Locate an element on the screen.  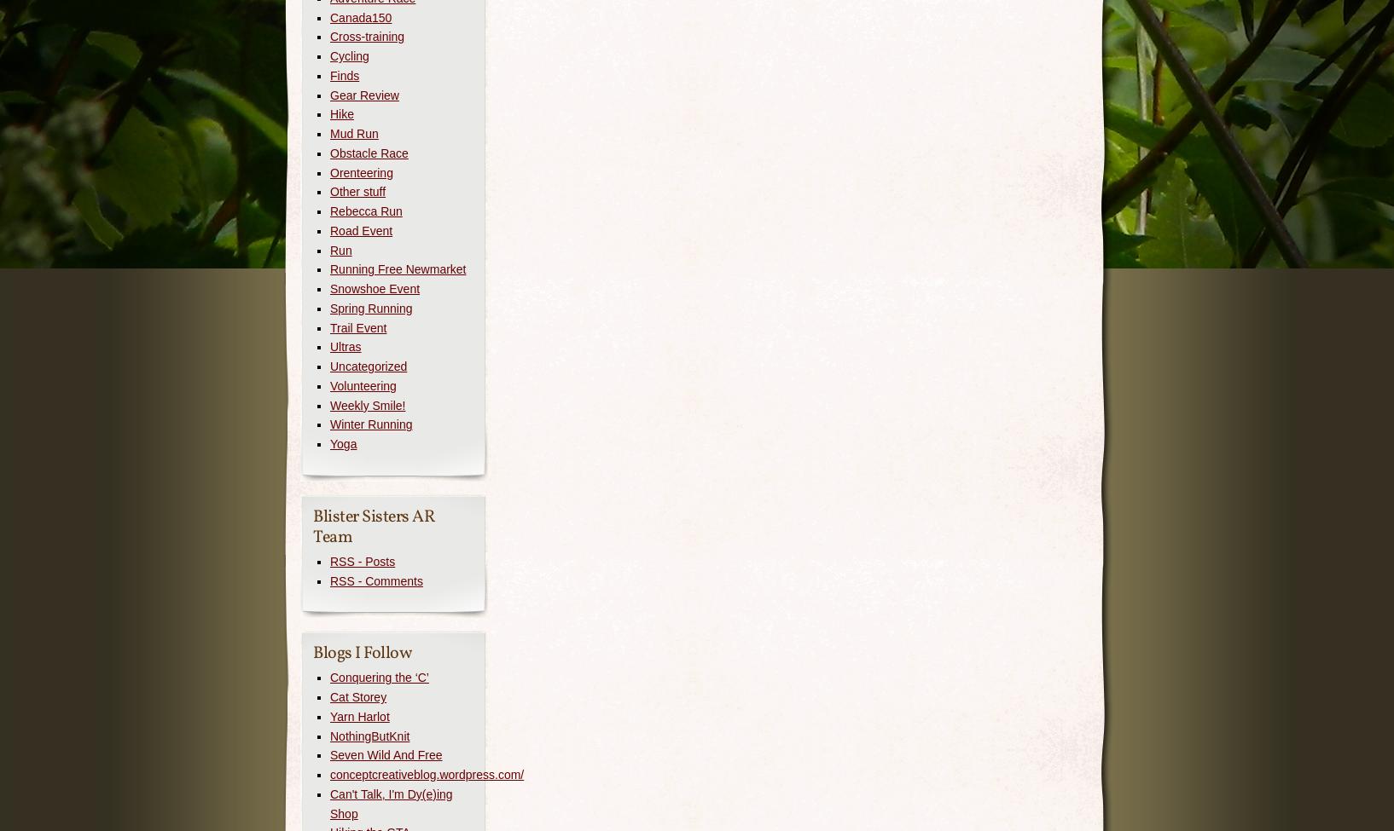
'Trail Event' is located at coordinates (357, 326).